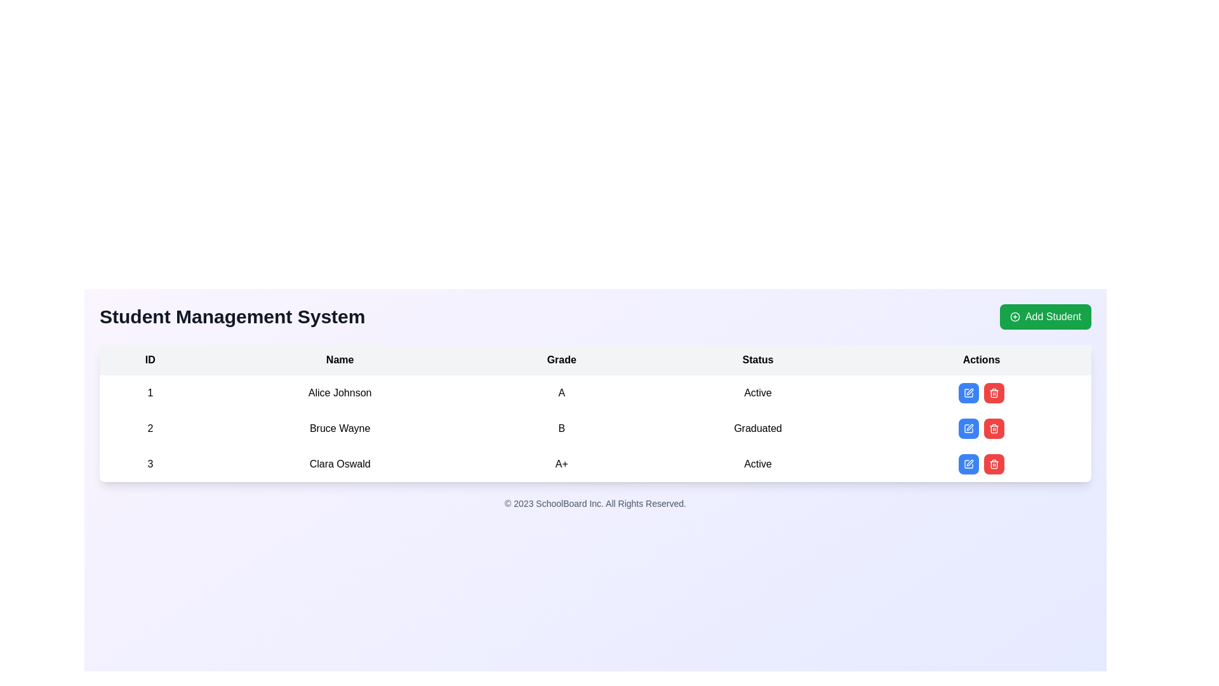  I want to click on the pen tip icon in the 'Actions' column of the grid, specifically in the third row associated with 'Clara Oswald', so click(969, 391).